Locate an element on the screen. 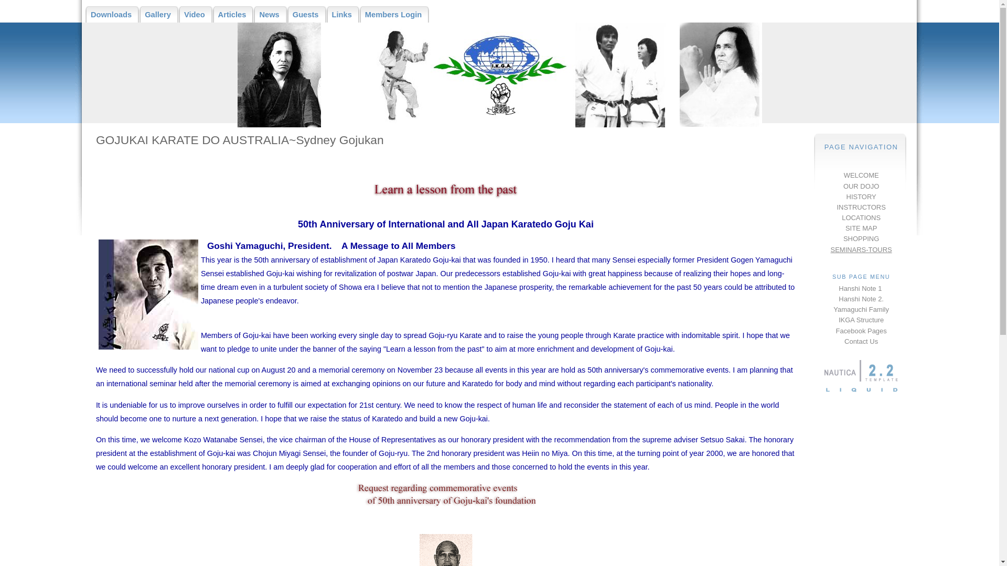 The height and width of the screenshot is (566, 1007). 'News' is located at coordinates (270, 14).